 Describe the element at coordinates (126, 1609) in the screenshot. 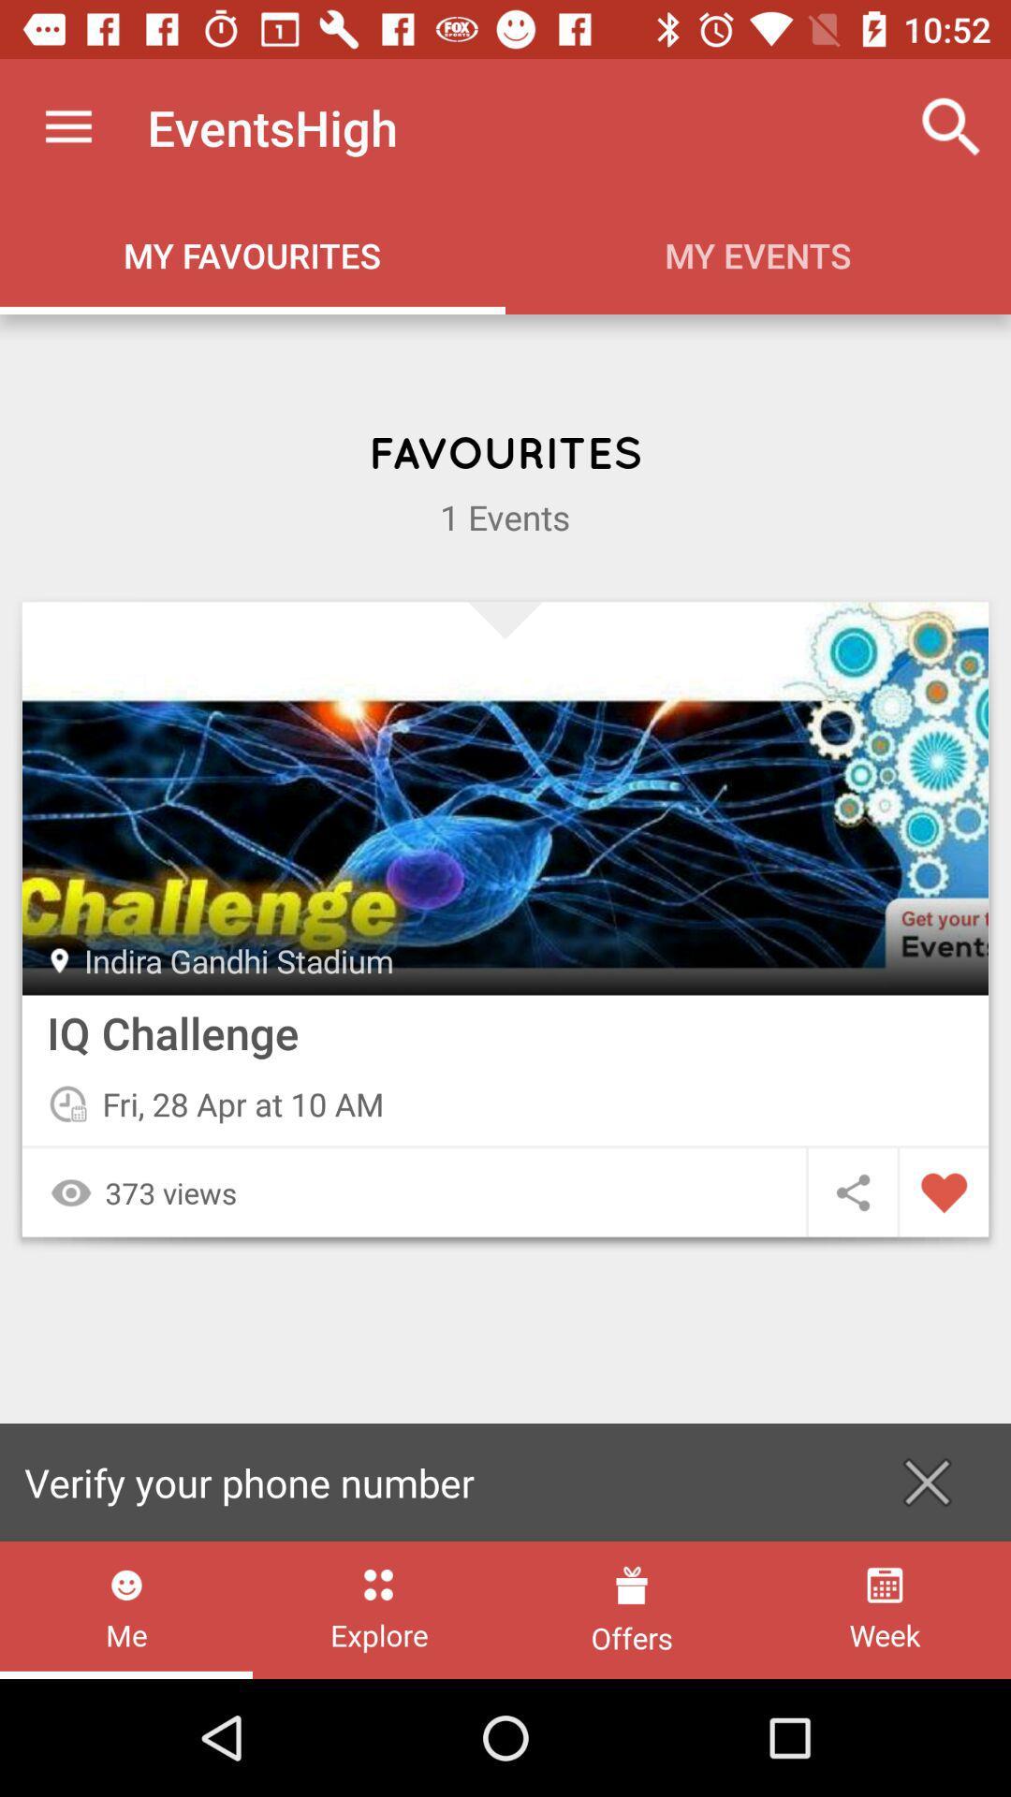

I see `icon next to the explore item` at that location.